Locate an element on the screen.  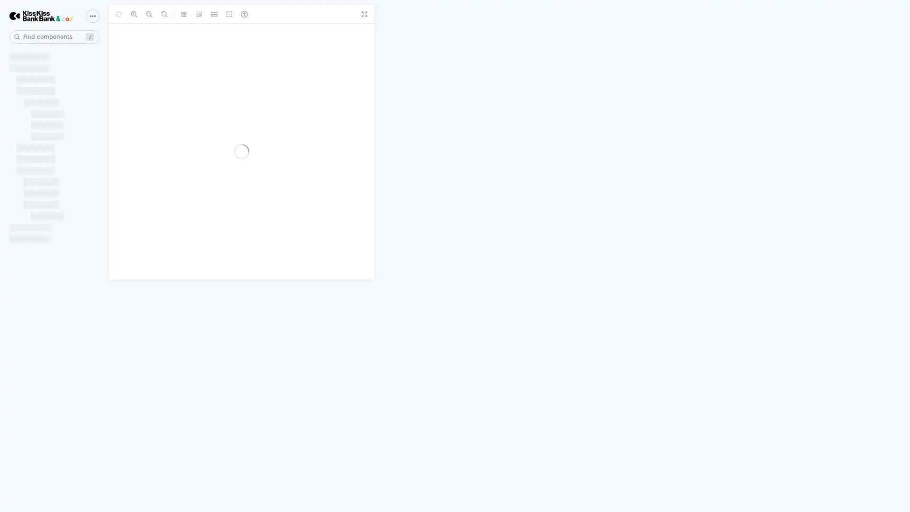
Apply a grid to the preview is located at coordinates (272, 14).